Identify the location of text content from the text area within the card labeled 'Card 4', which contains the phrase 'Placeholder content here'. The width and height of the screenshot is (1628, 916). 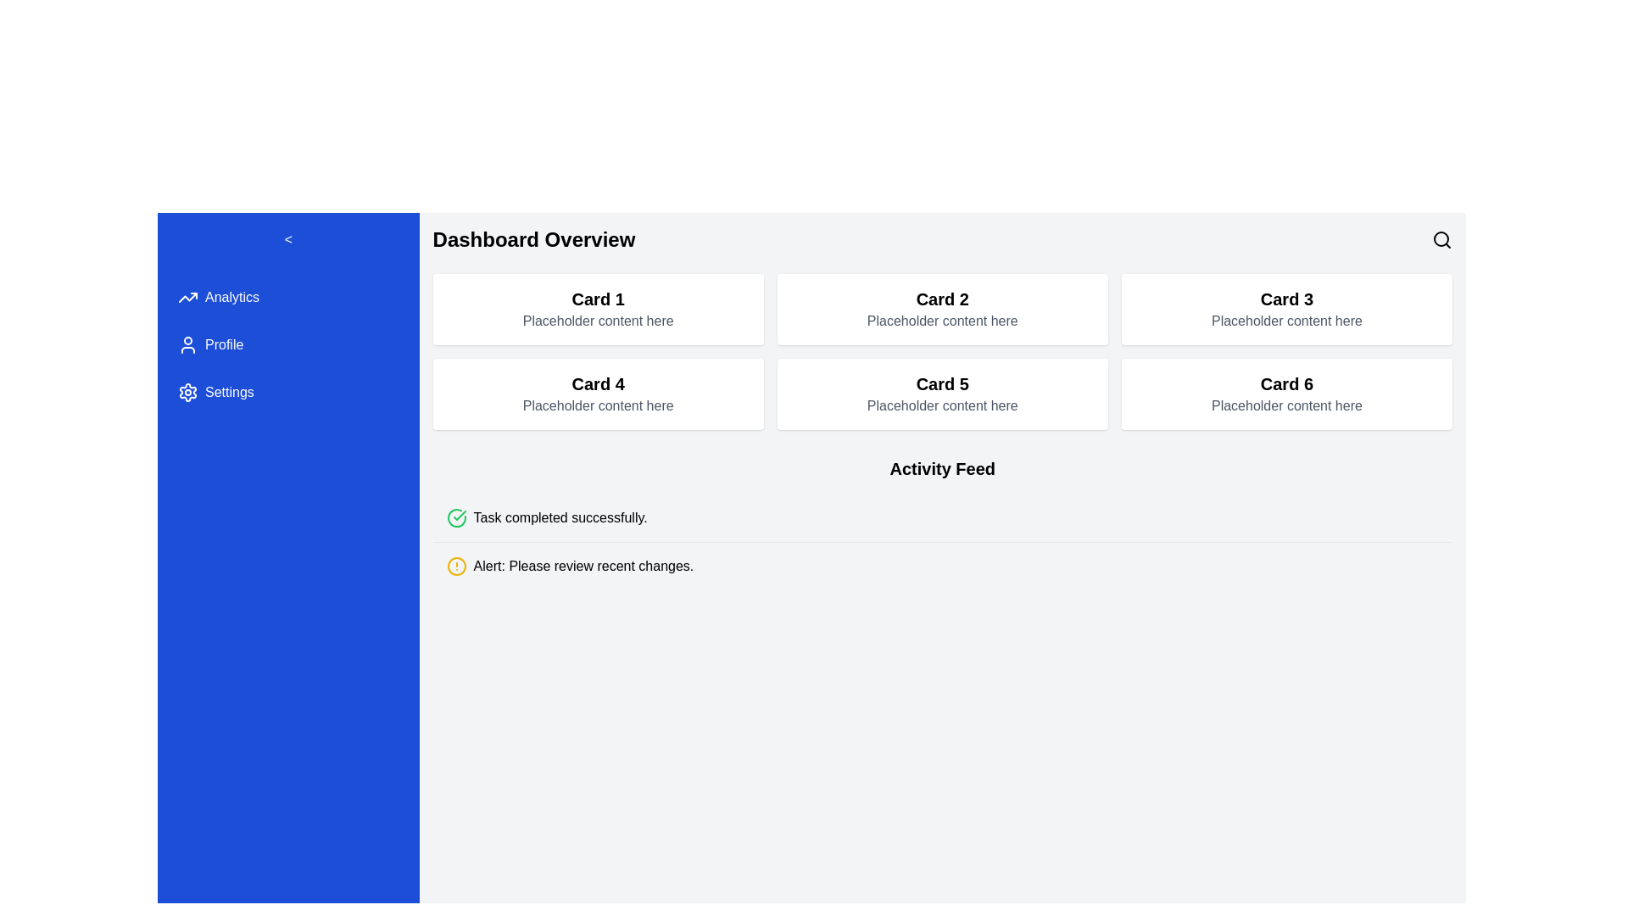
(598, 405).